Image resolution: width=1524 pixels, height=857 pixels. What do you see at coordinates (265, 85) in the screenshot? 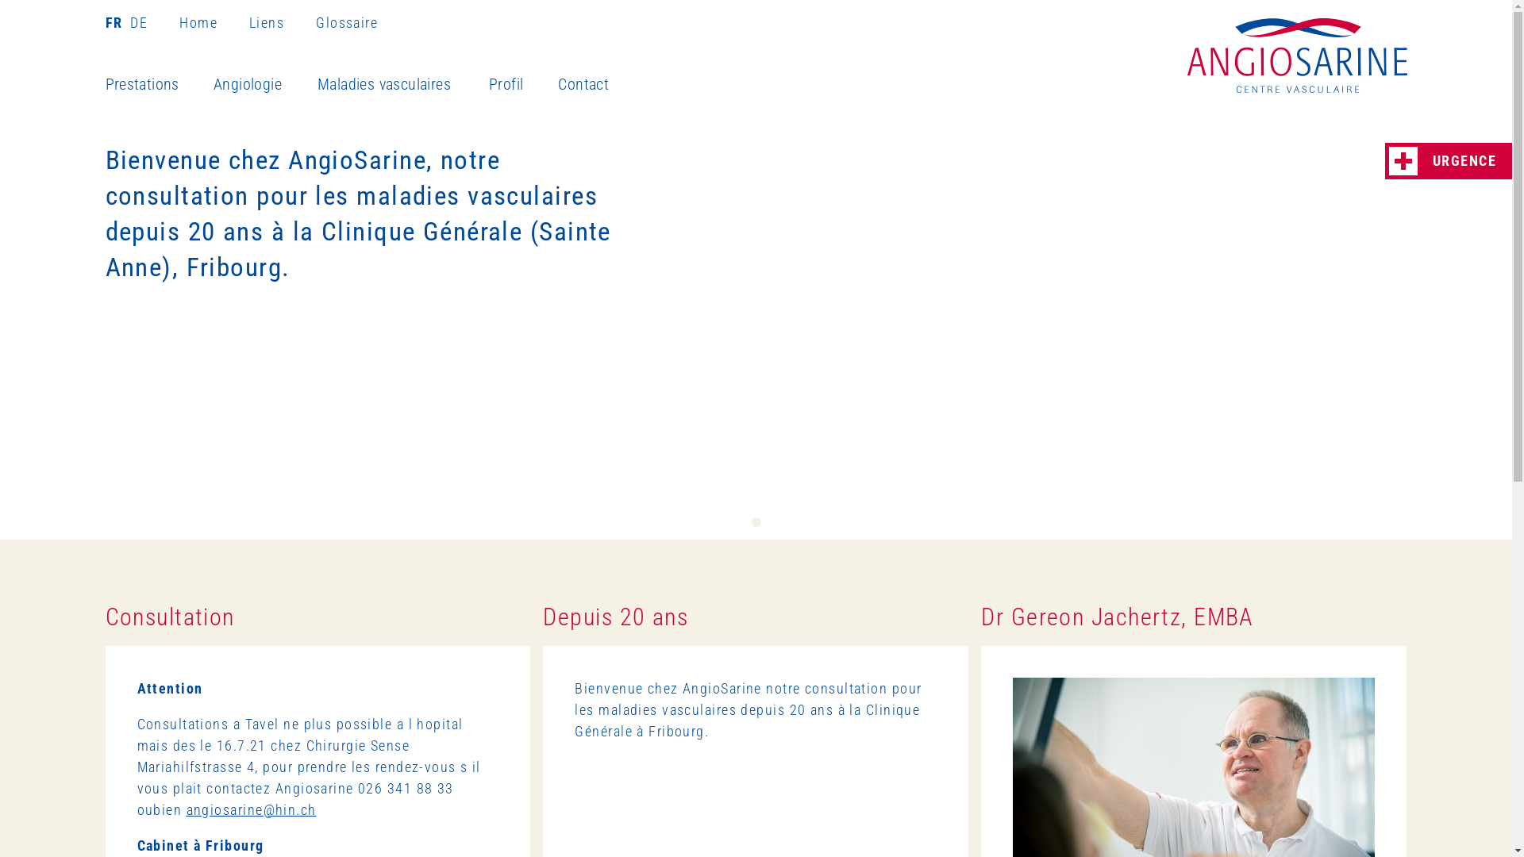
I see `'Angiologie'` at bounding box center [265, 85].